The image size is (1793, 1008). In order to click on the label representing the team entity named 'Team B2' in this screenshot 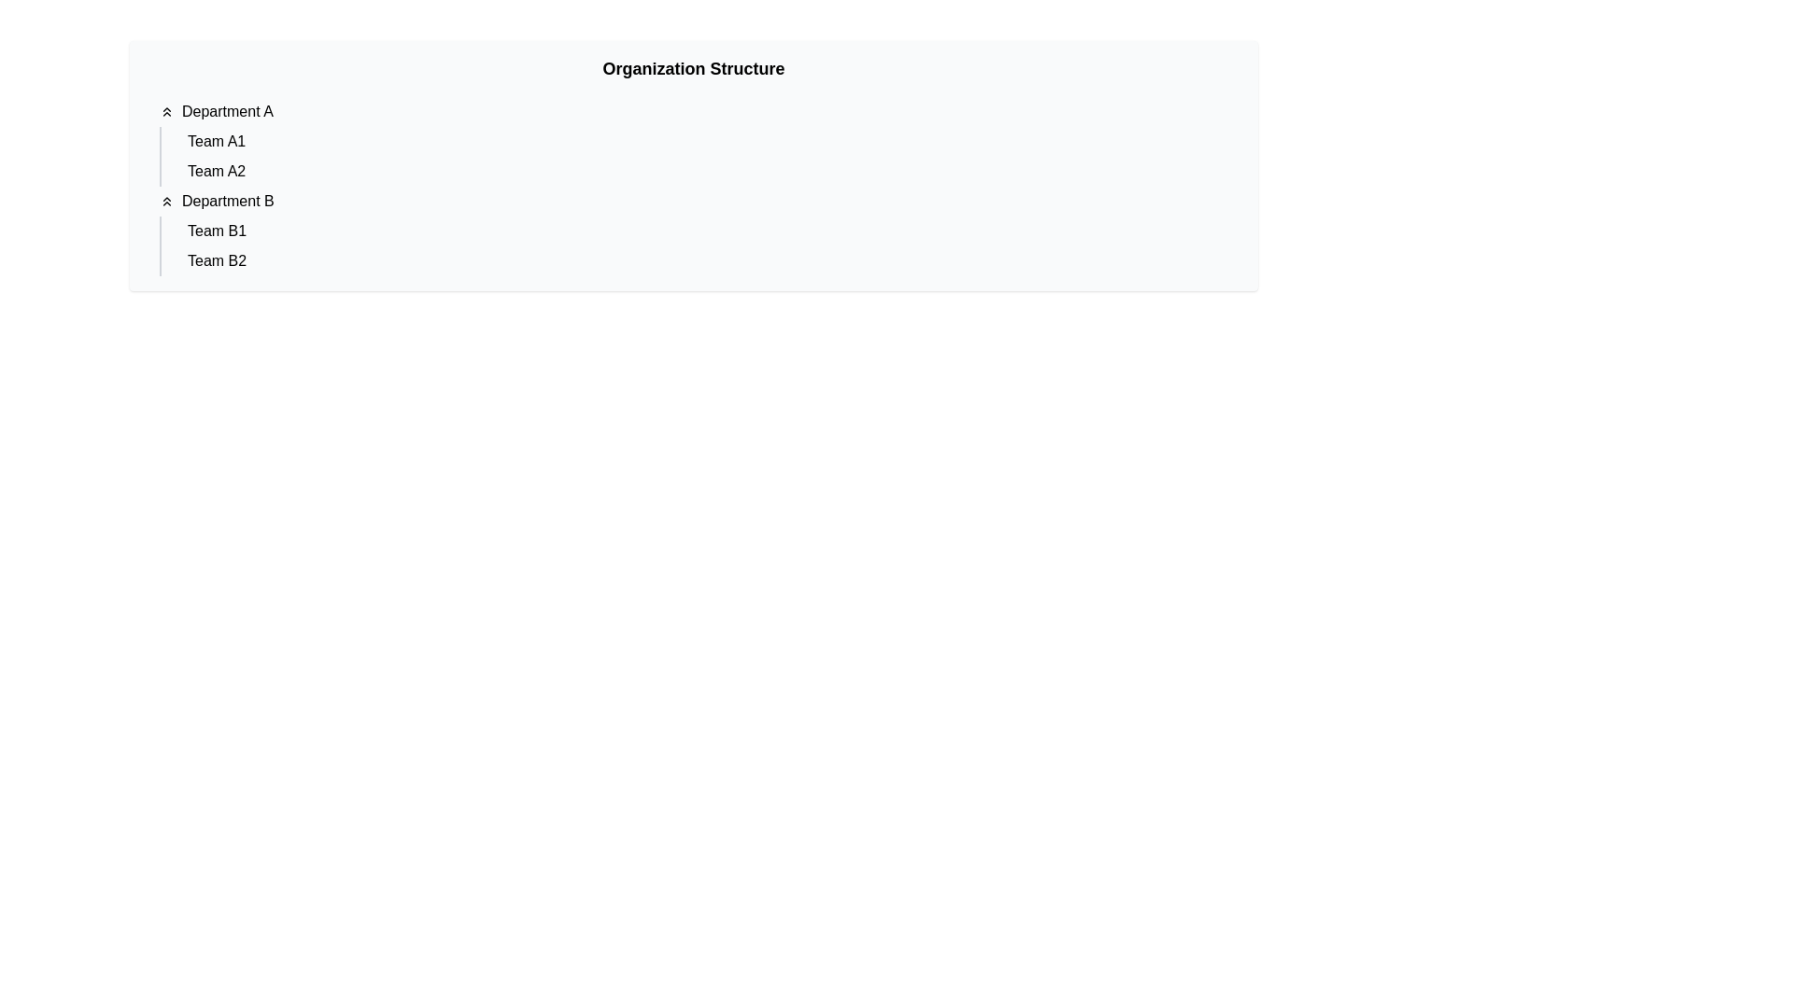, I will do `click(216, 261)`.